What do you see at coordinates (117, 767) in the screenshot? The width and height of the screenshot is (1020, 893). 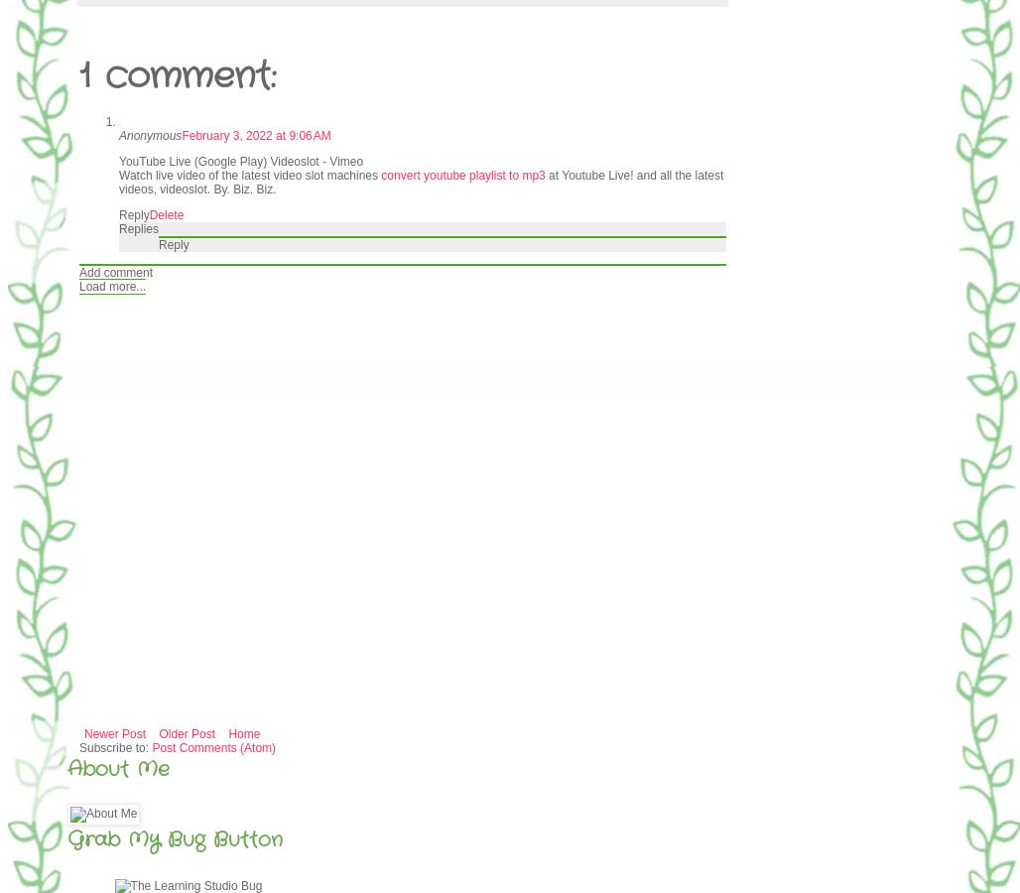 I see `'About Me'` at bounding box center [117, 767].